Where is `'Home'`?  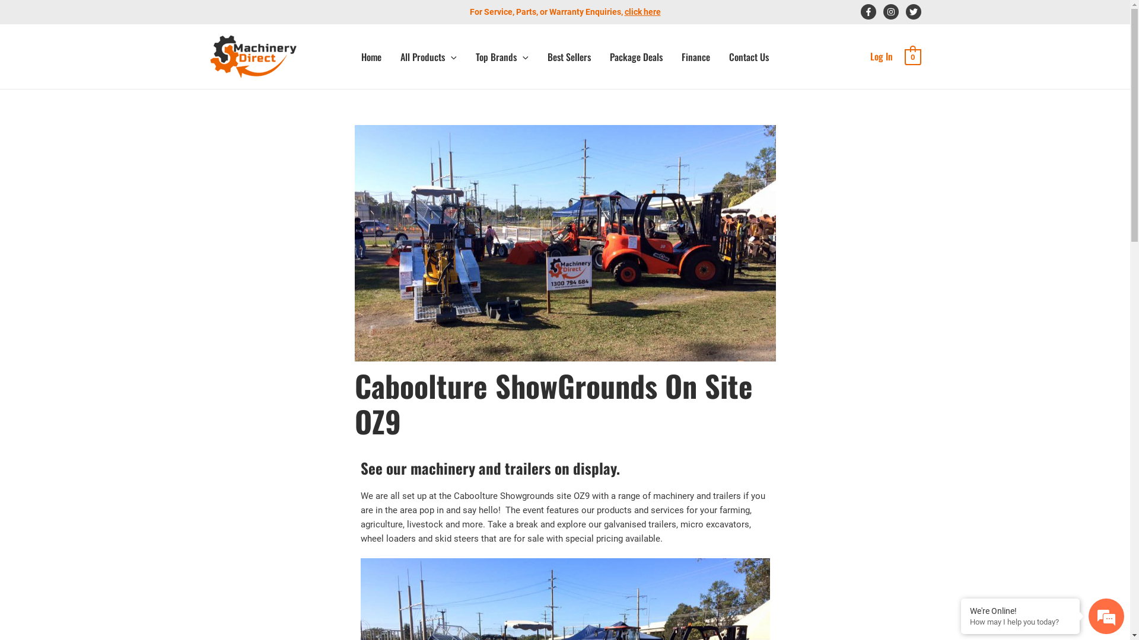
'Home' is located at coordinates (370, 57).